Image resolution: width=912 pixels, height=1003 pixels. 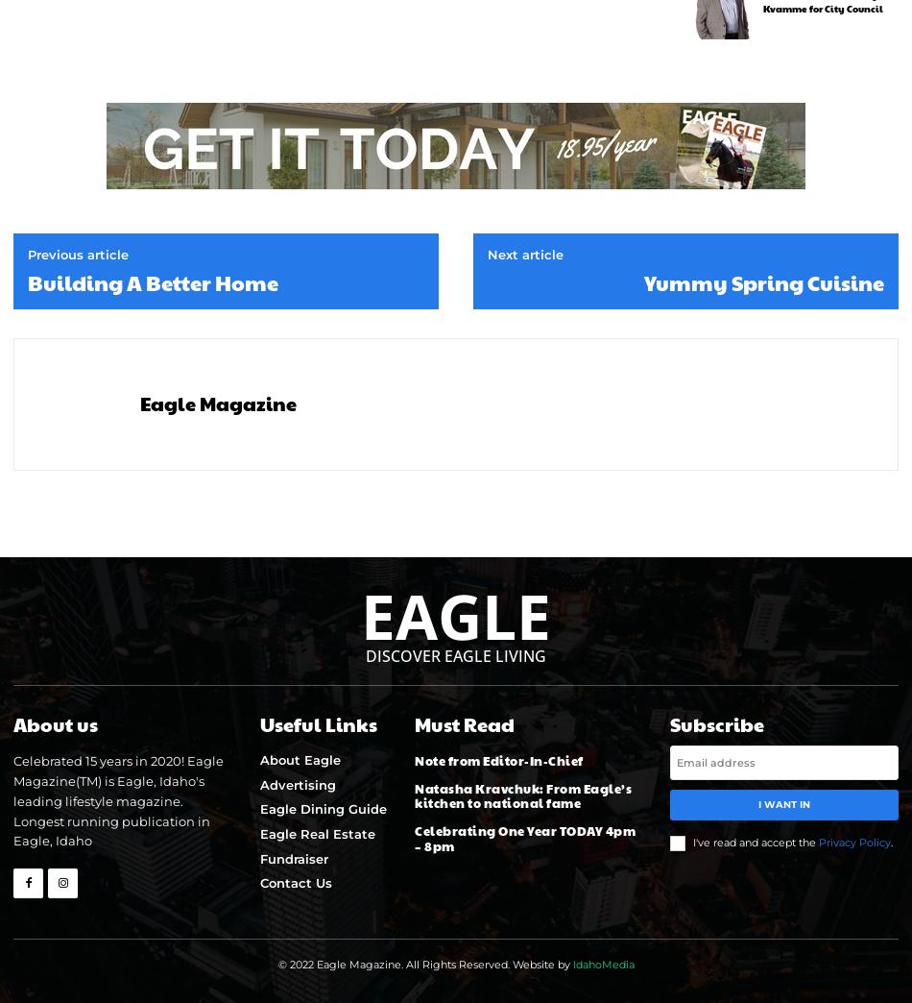 I want to click on 'Note from Editor-In-Chief', so click(x=498, y=759).